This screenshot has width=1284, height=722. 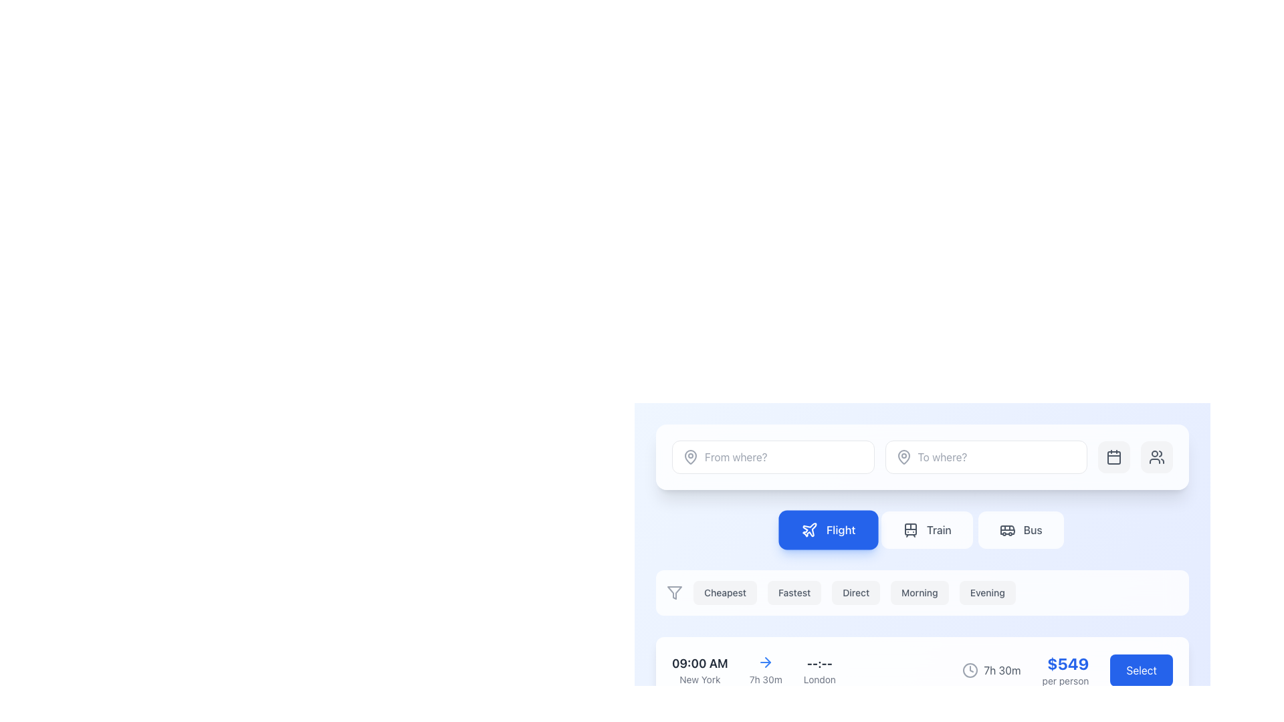 I want to click on the button that filters or selects items related to 'Evening', which is the sixth button in a horizontal group located below the selection tabs for 'Flight', 'Train', and 'Bus', so click(x=987, y=592).